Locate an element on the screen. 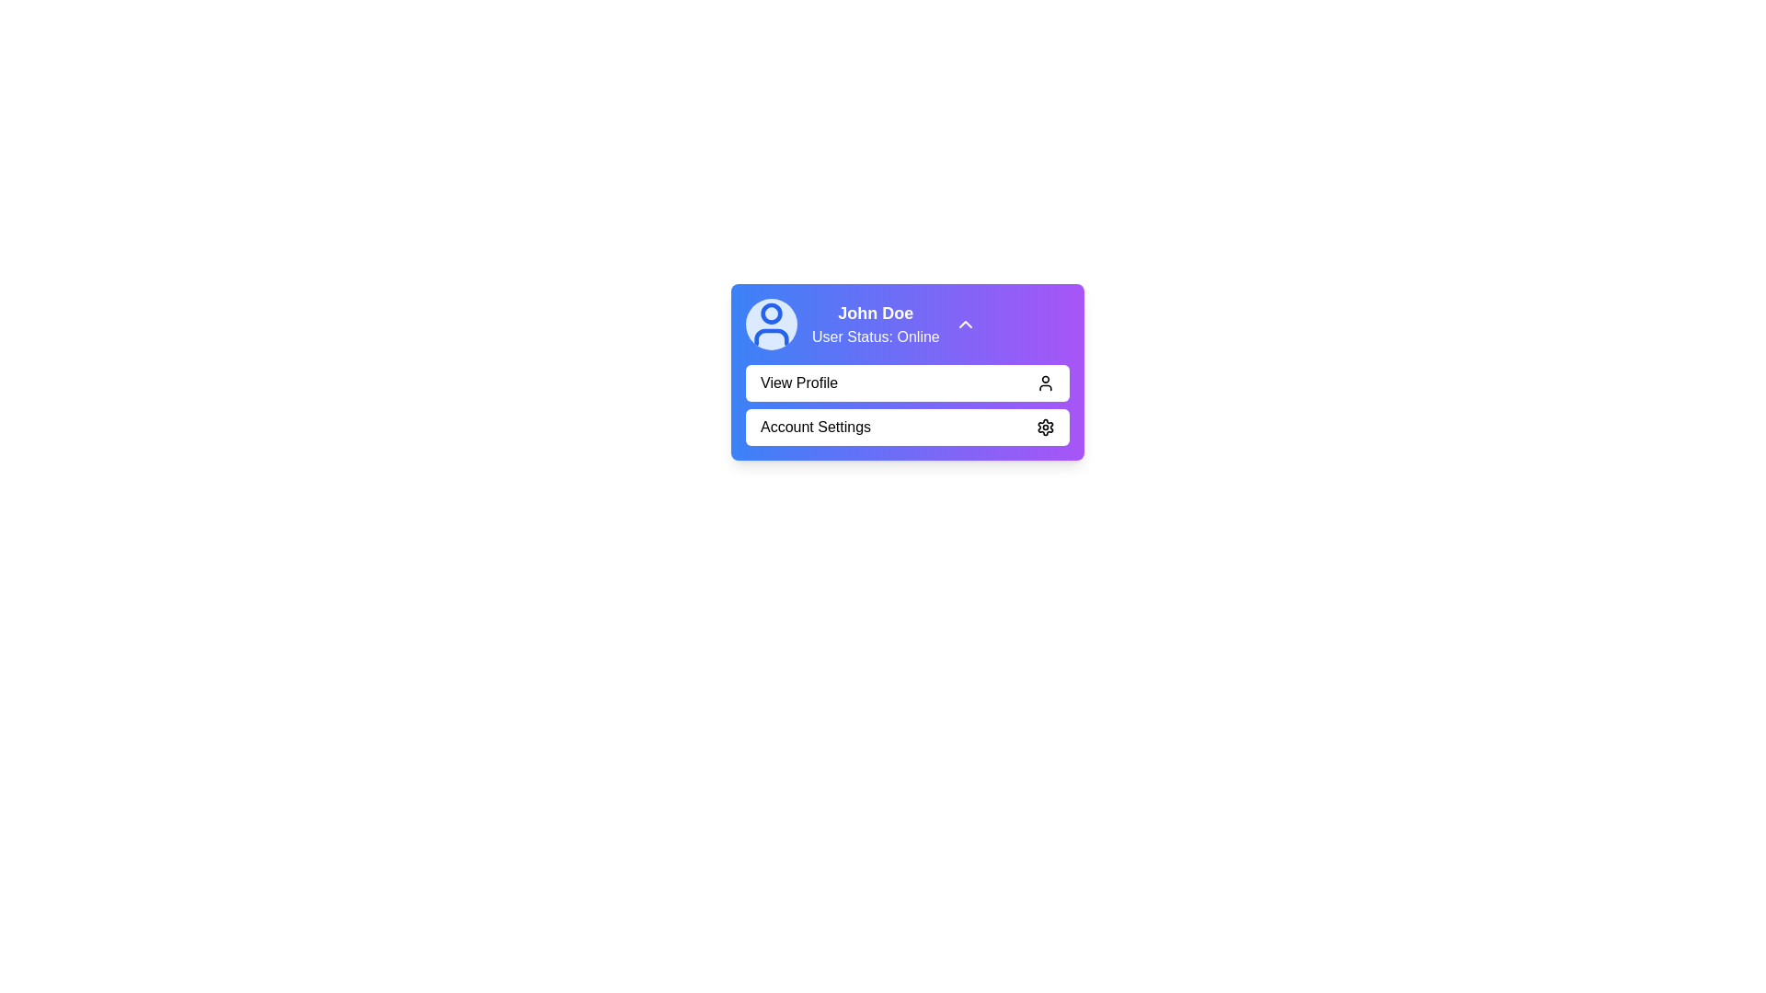 Image resolution: width=1766 pixels, height=993 pixels. the graphical gear icon is located at coordinates (1046, 428).